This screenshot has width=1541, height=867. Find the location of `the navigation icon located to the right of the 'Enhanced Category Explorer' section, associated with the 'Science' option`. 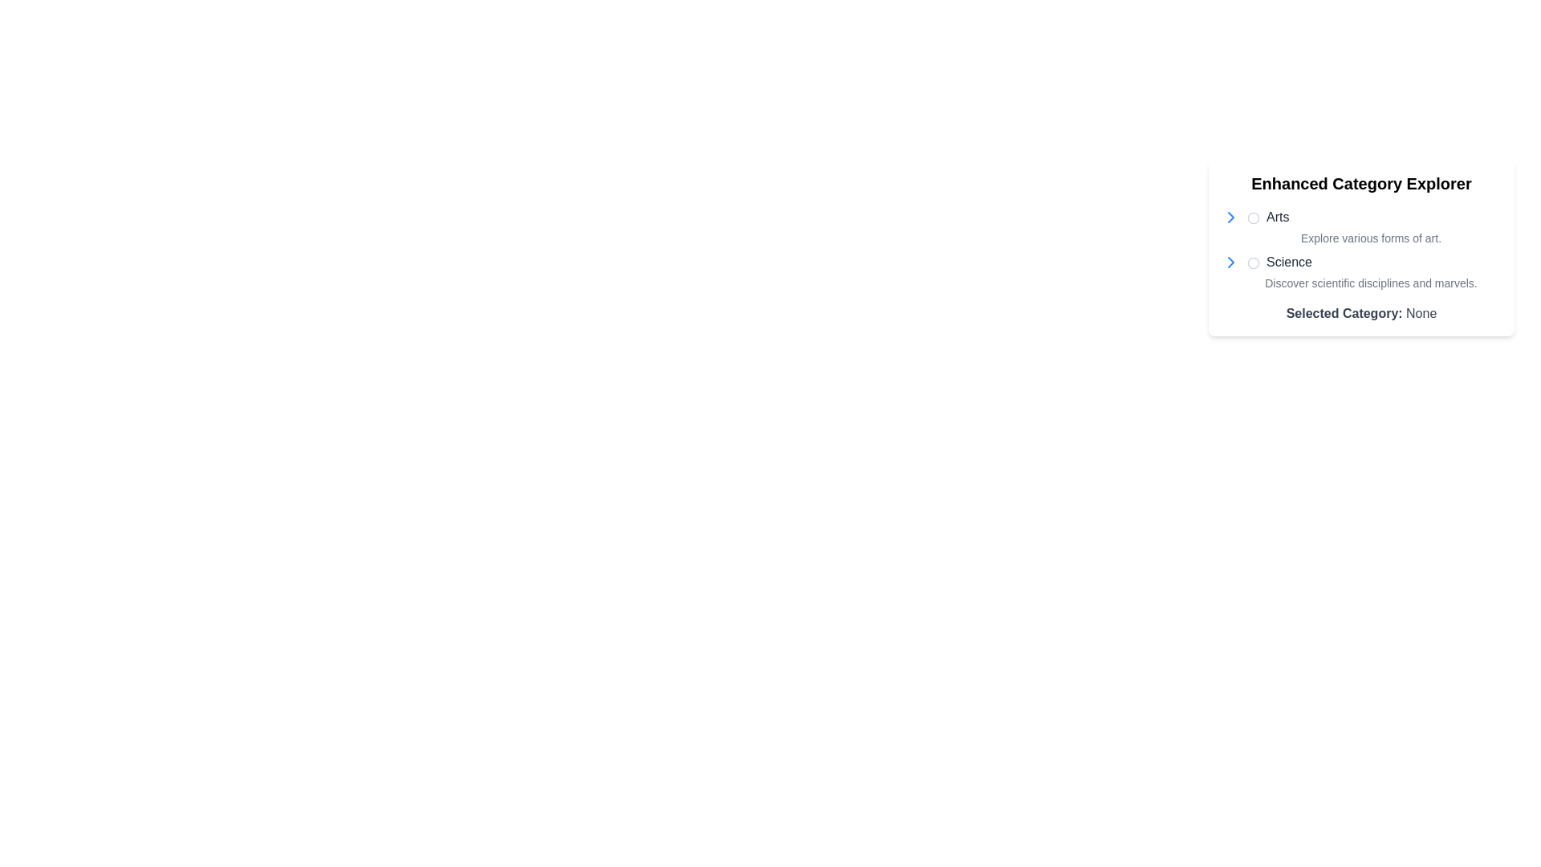

the navigation icon located to the right of the 'Enhanced Category Explorer' section, associated with the 'Science' option is located at coordinates (1230, 217).